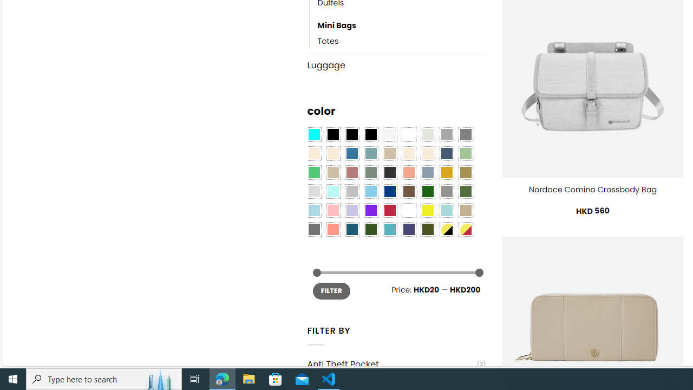 Image resolution: width=693 pixels, height=390 pixels. I want to click on 'Khaki', so click(466, 210).